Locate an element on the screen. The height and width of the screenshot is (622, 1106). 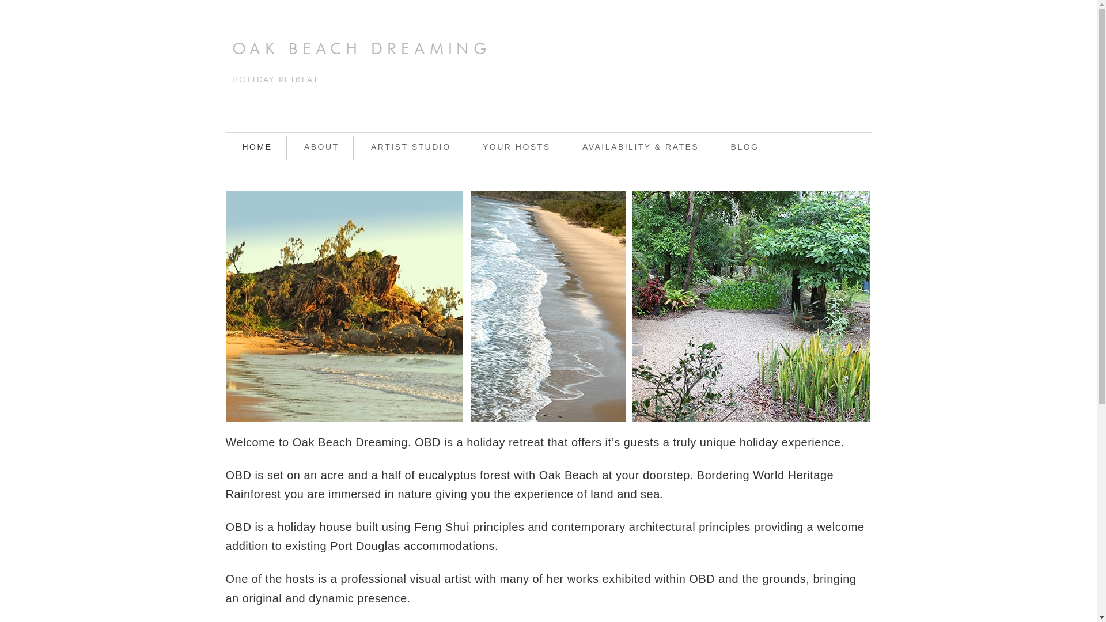
'ARTIST STUDIO' is located at coordinates (356, 147).